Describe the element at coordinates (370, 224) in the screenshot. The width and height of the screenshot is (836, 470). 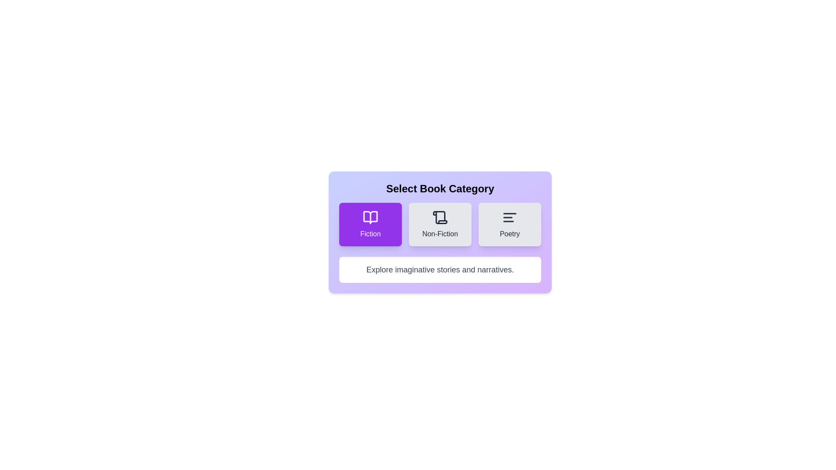
I see `the 'Fiction' category button to select it` at that location.